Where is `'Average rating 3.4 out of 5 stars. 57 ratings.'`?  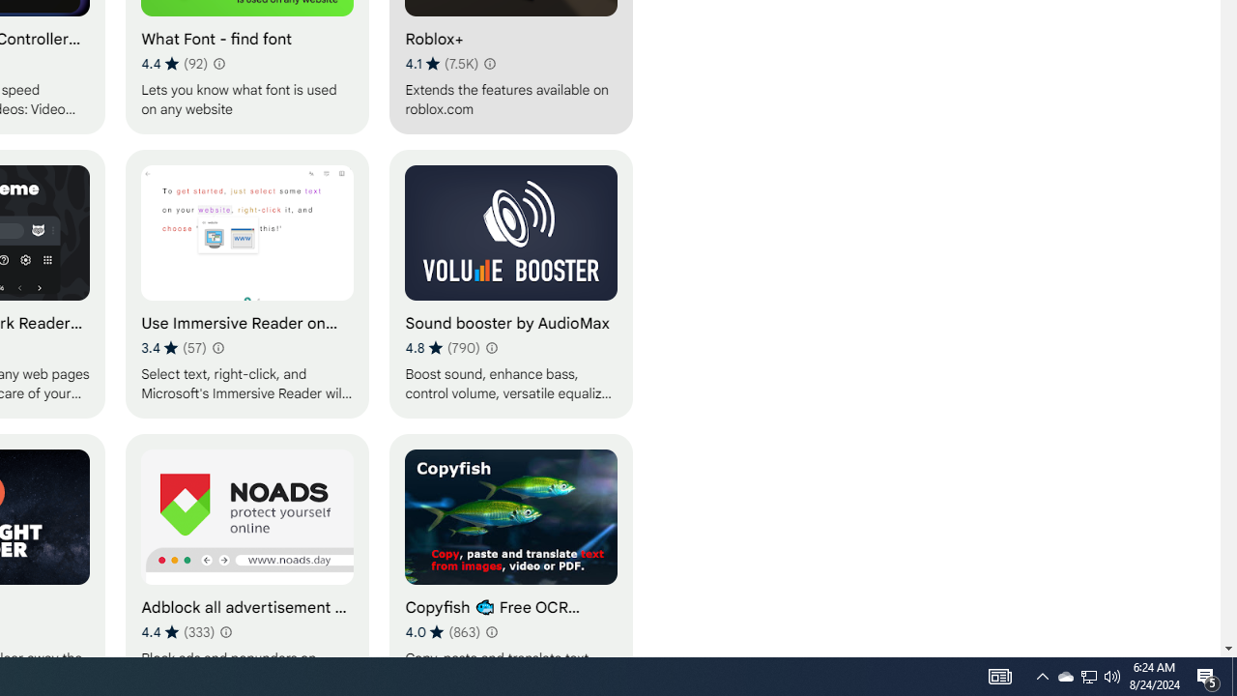
'Average rating 3.4 out of 5 stars. 57 ratings.' is located at coordinates (173, 348).